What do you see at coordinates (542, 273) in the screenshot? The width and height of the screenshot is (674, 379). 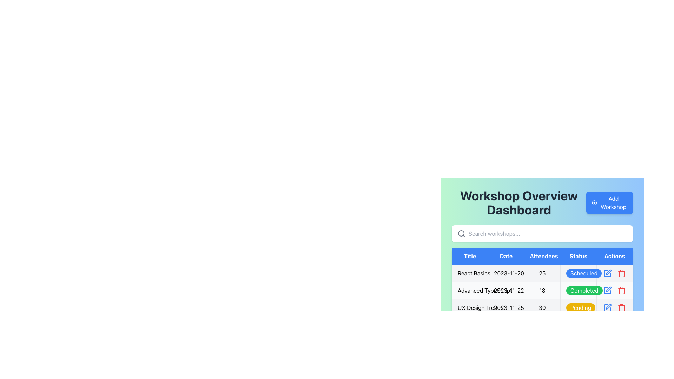 I see `the text displaying the number of attendees for the 'React Basics' workshop located in the 'Attendees' column of the first row` at bounding box center [542, 273].